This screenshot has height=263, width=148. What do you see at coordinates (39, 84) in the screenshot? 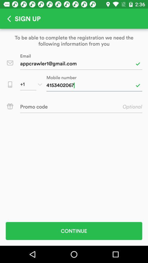
I see `the expand_more icon` at bounding box center [39, 84].